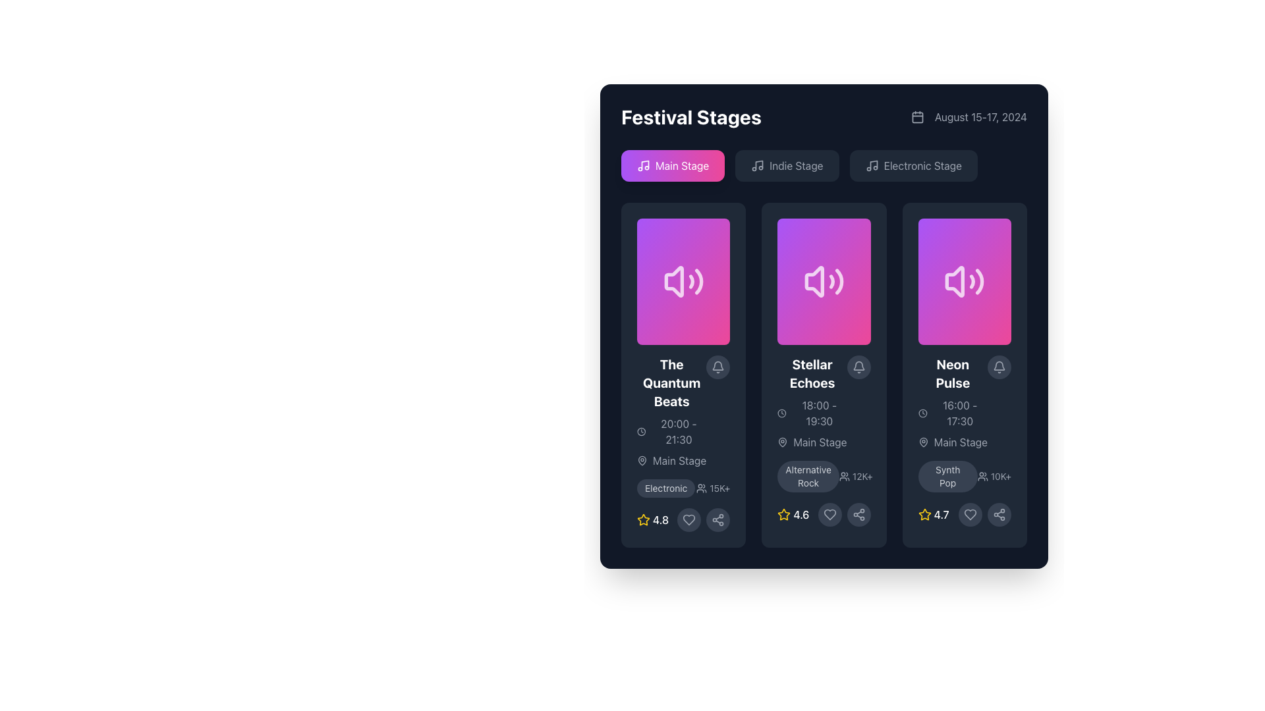  Describe the element at coordinates (690, 116) in the screenshot. I see `the static text element displaying 'Festival Stages' in a bold, large font with a white color against a dark background, located in the upper-left corner of its section` at that location.